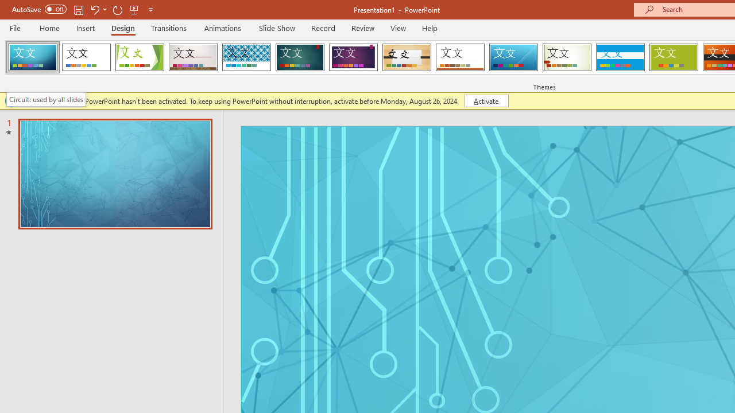 This screenshot has width=735, height=413. I want to click on 'Circuit: used by all slides', so click(46, 99).